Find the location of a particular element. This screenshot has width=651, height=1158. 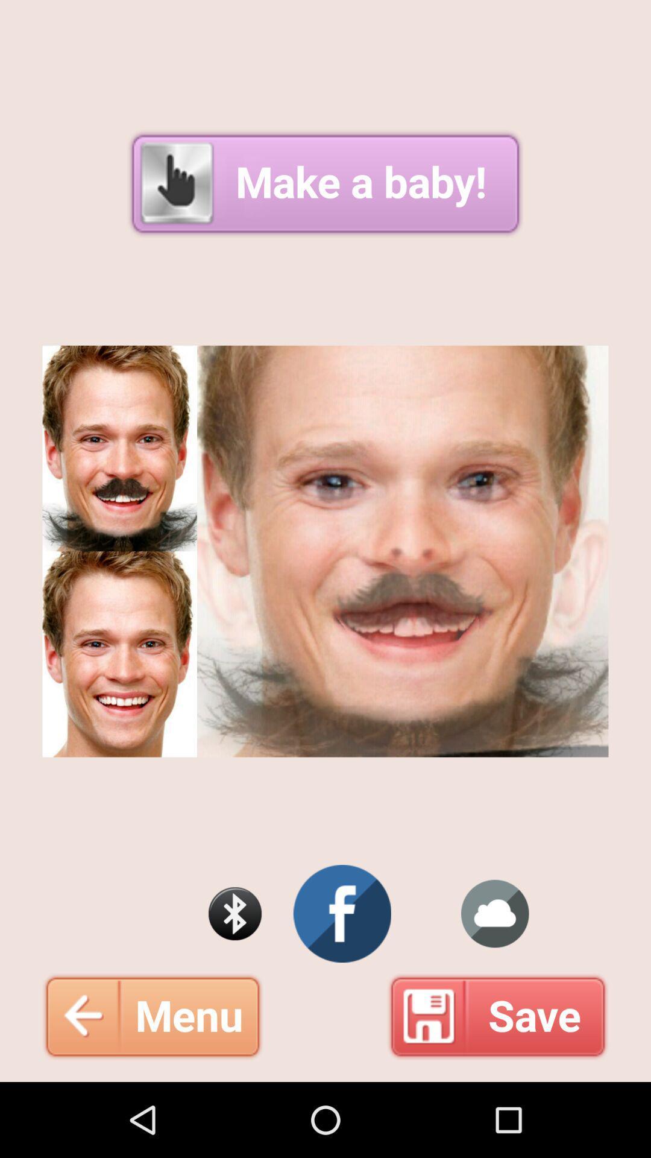

menu is located at coordinates (152, 1016).